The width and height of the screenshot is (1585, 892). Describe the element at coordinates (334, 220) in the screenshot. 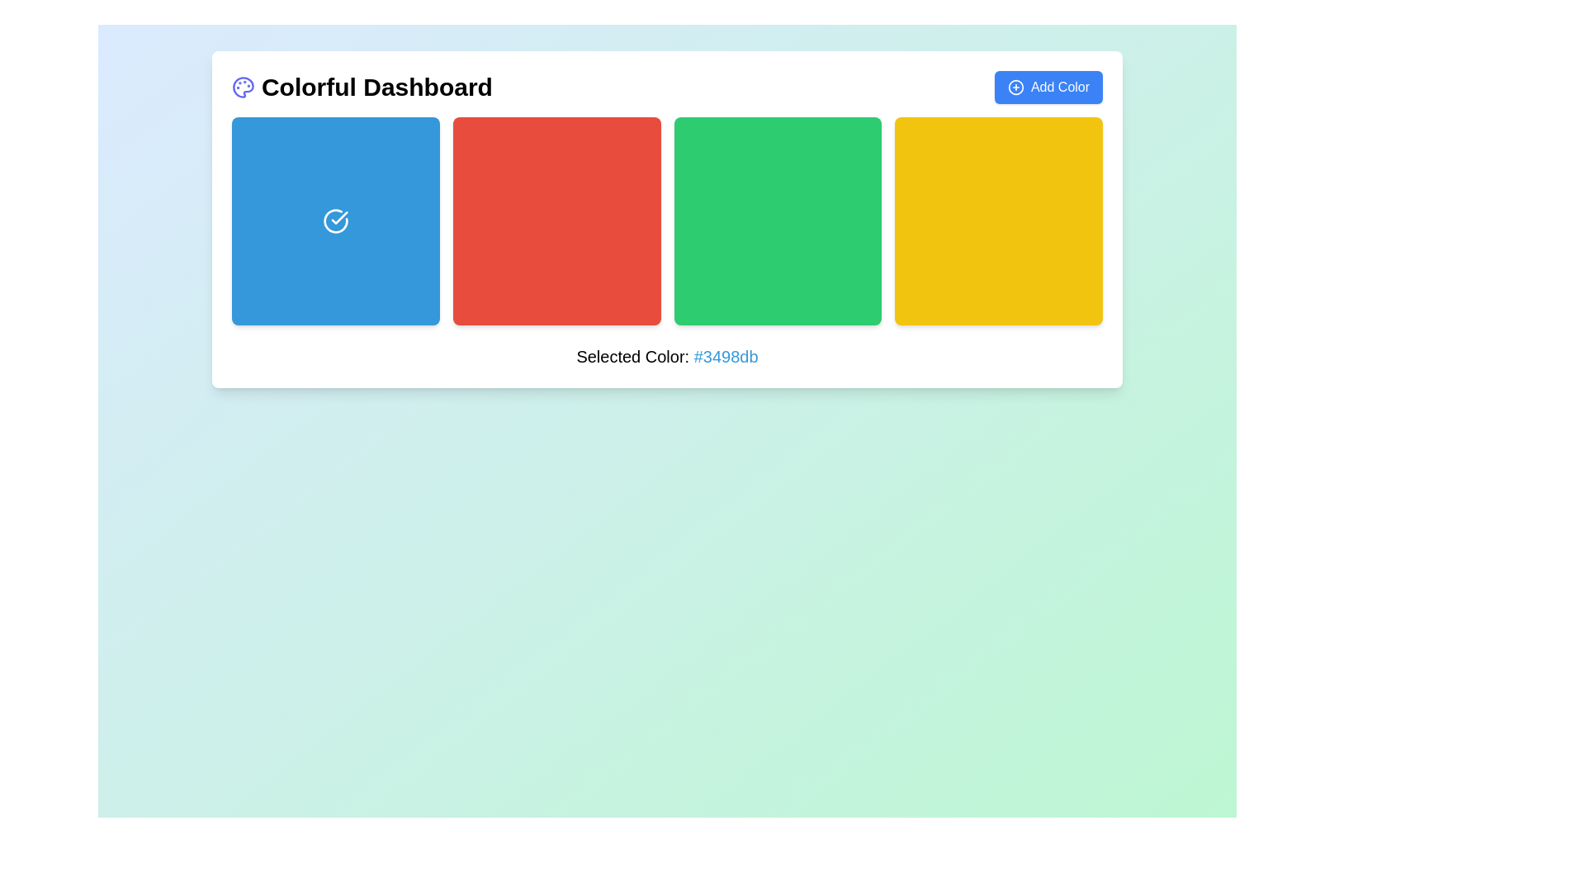

I see `the blue-colored selection icon located within the first colored rectangle of the color selection interface to confirm your choice` at that location.